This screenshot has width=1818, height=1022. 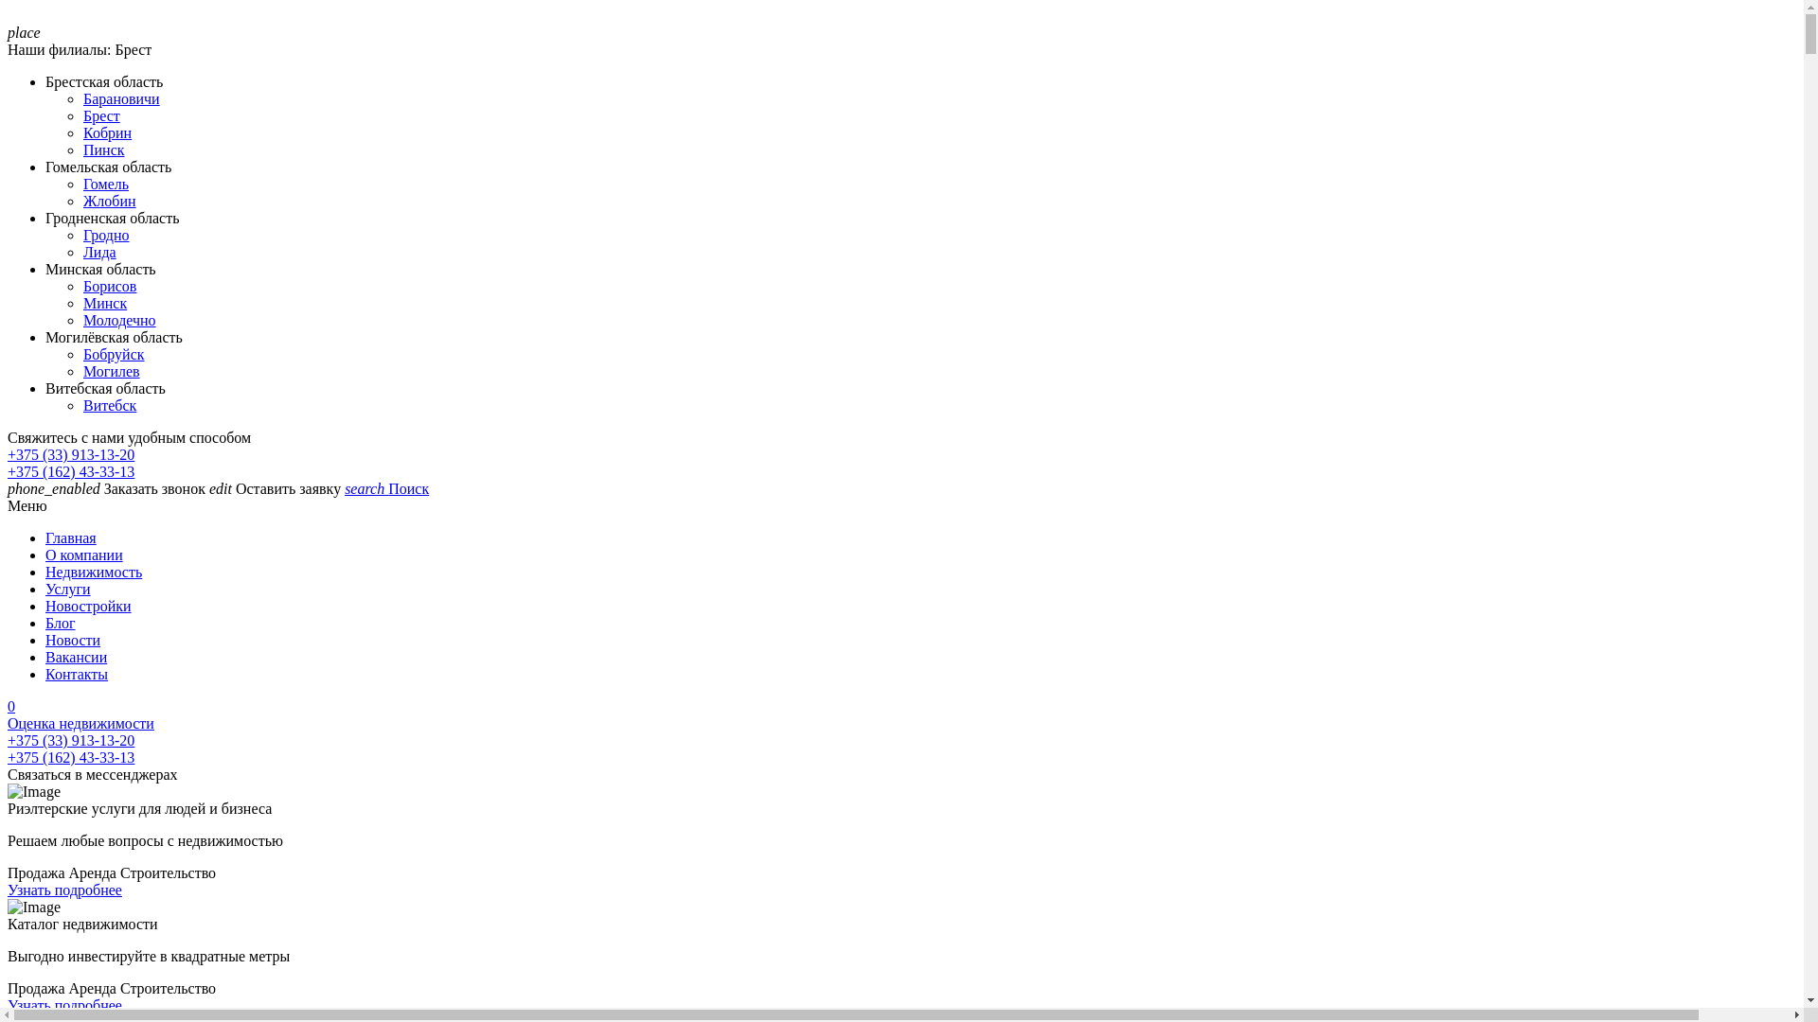 I want to click on '+375 (33) 913-13-20', so click(x=71, y=454).